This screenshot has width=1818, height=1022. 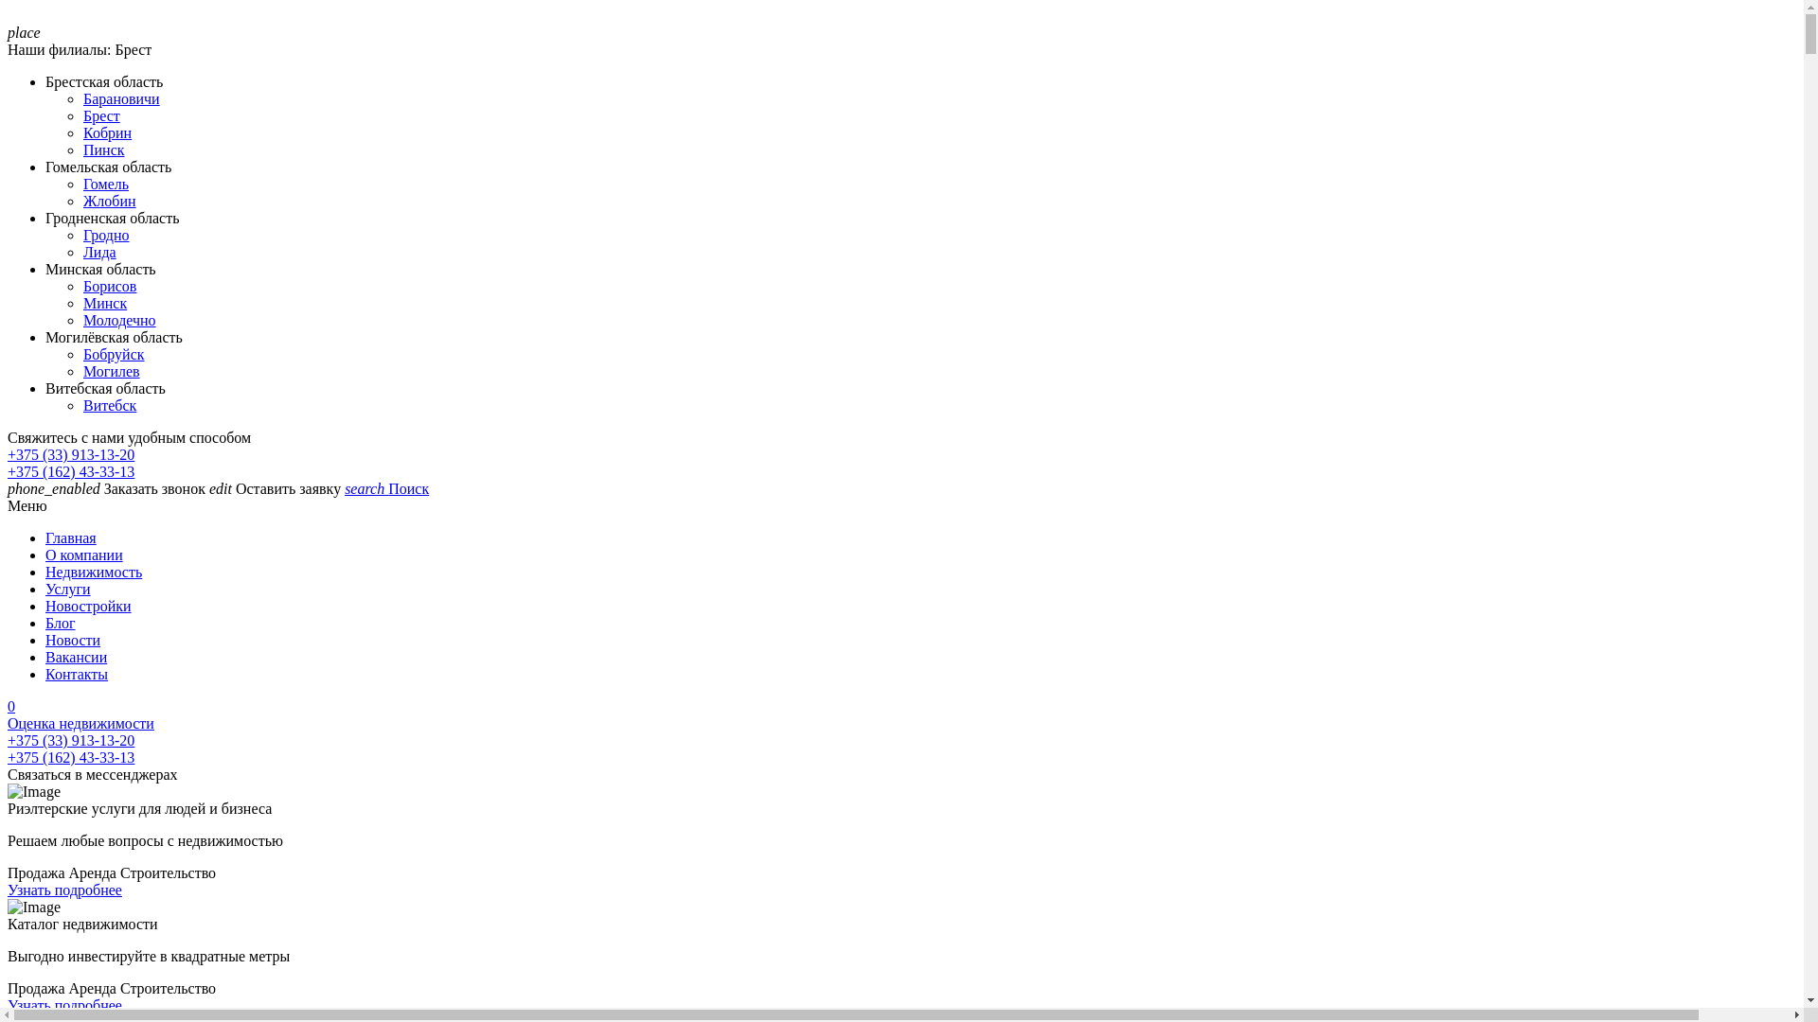 I want to click on '+375 (33) 913-13-20', so click(x=71, y=454).